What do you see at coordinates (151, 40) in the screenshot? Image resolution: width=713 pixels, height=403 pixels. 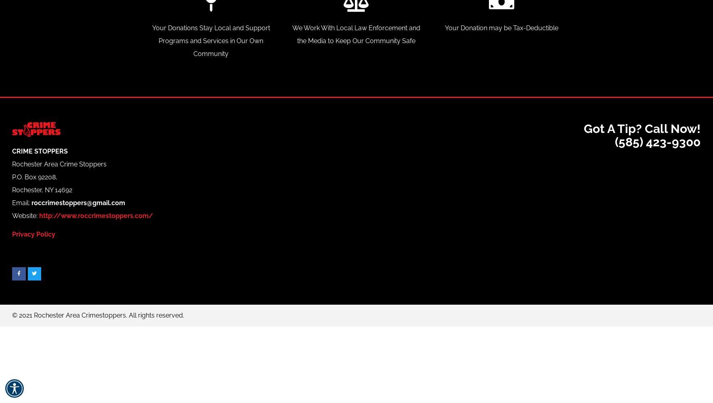 I see `'Your Donations Stay Local and Support Programs and Services in Our Own Community'` at bounding box center [151, 40].